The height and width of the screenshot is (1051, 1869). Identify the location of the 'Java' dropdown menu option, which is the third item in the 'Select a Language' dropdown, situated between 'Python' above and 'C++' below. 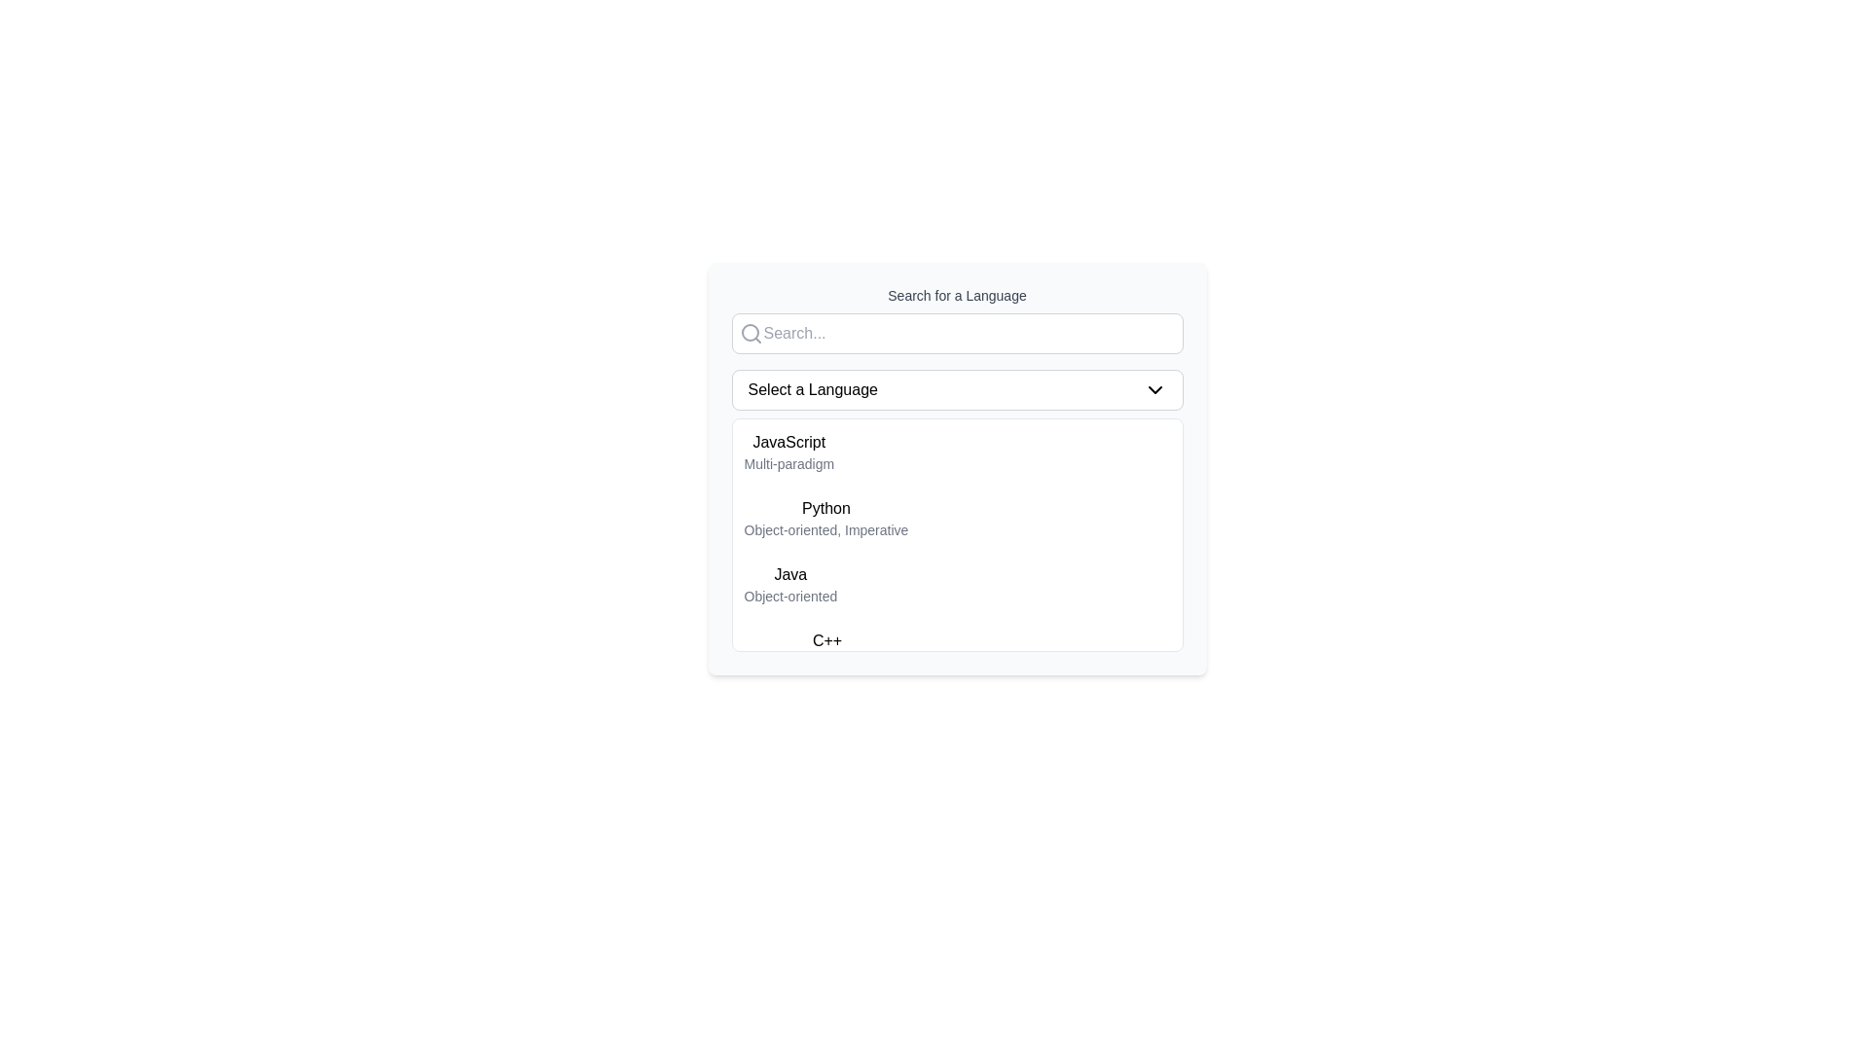
(957, 584).